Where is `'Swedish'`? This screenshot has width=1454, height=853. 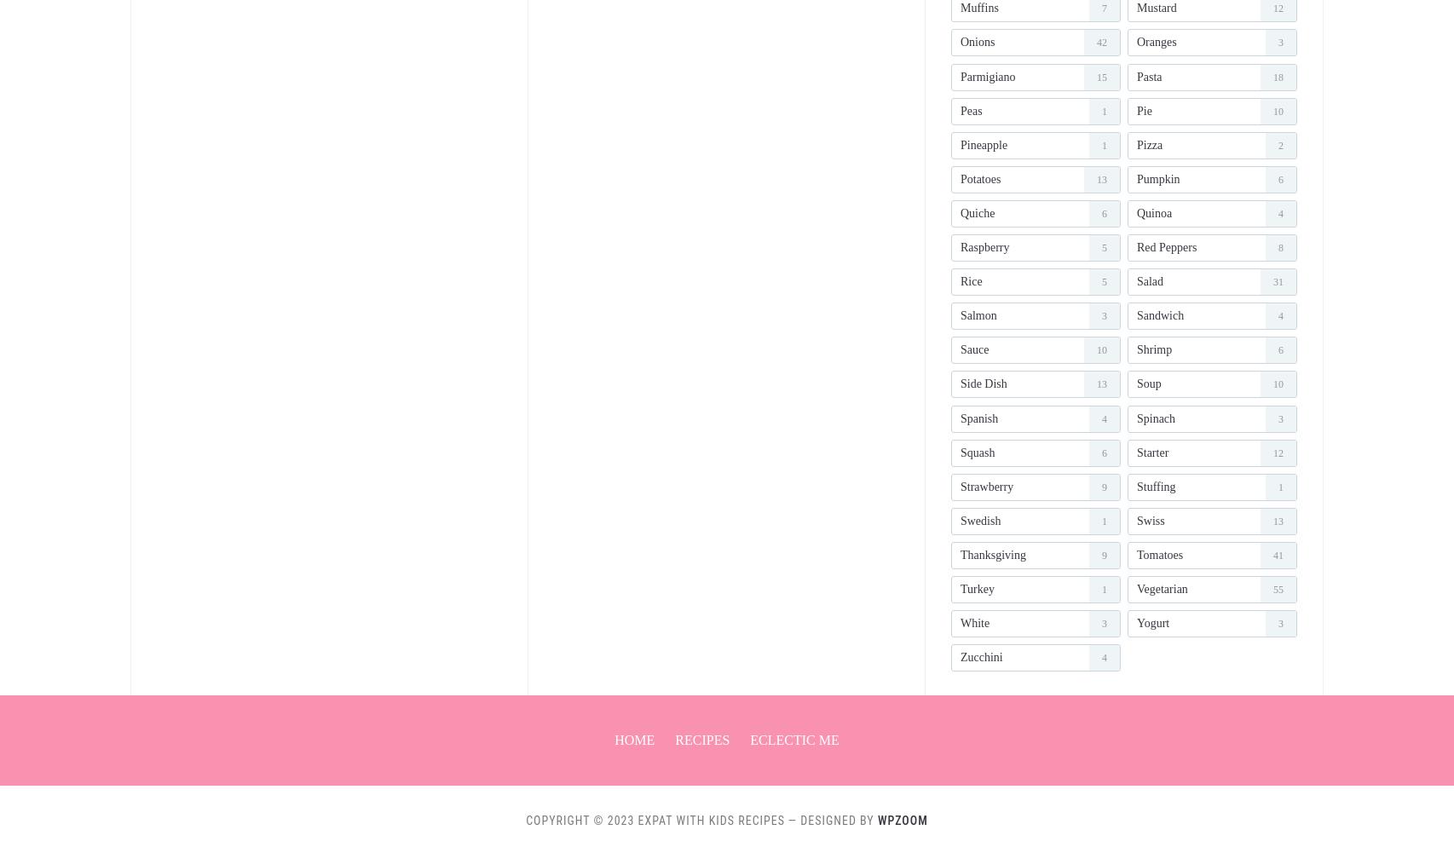 'Swedish' is located at coordinates (980, 520).